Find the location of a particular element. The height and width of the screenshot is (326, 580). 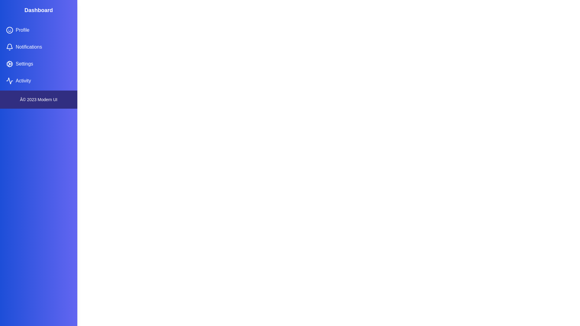

the navigation item Profile is located at coordinates (38, 30).